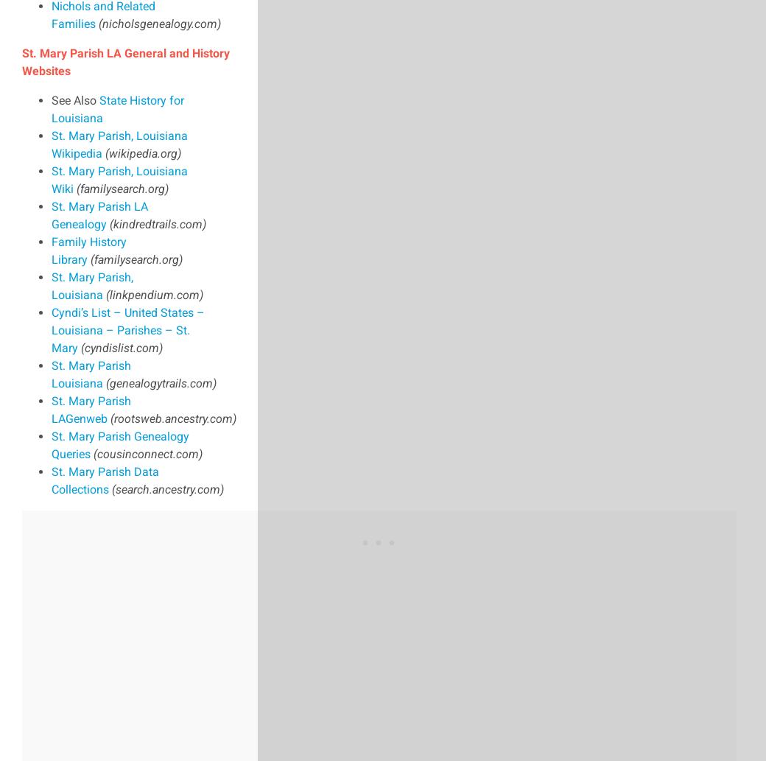 This screenshot has width=766, height=761. What do you see at coordinates (173, 417) in the screenshot?
I see `'(rootsweb.ancestry.com)'` at bounding box center [173, 417].